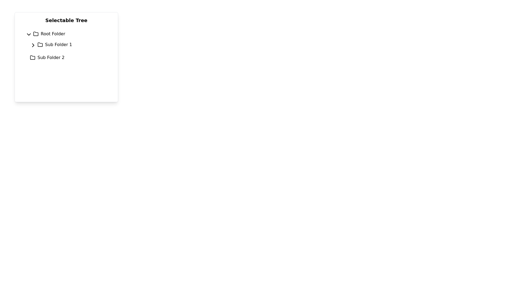 The image size is (518, 291). I want to click on the folder icon located adjacent to the text 'Root Folder', which is styled with a smooth outline and resembles a file folder tab, so click(36, 34).